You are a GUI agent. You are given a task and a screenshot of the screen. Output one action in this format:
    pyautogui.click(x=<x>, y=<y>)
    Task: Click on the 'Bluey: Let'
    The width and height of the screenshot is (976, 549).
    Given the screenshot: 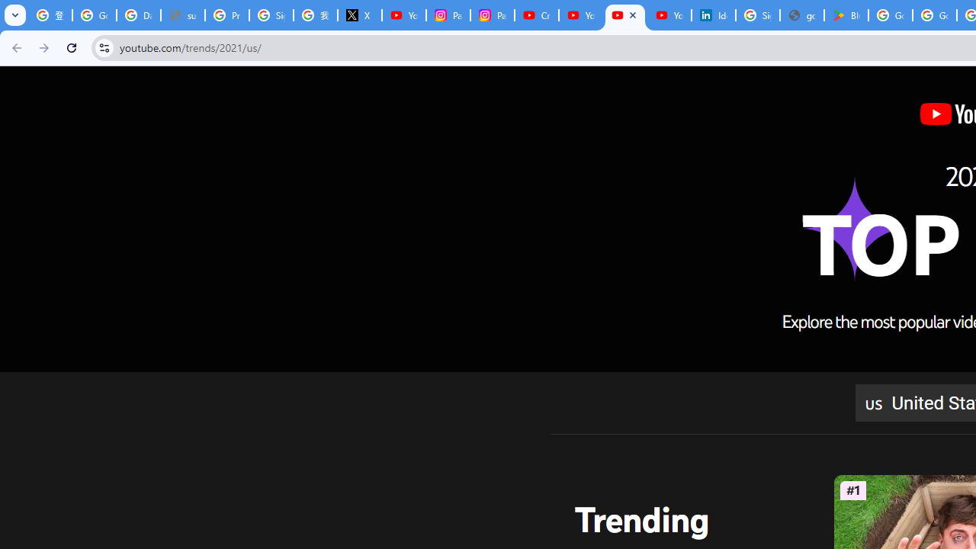 What is the action you would take?
    pyautogui.click(x=846, y=15)
    